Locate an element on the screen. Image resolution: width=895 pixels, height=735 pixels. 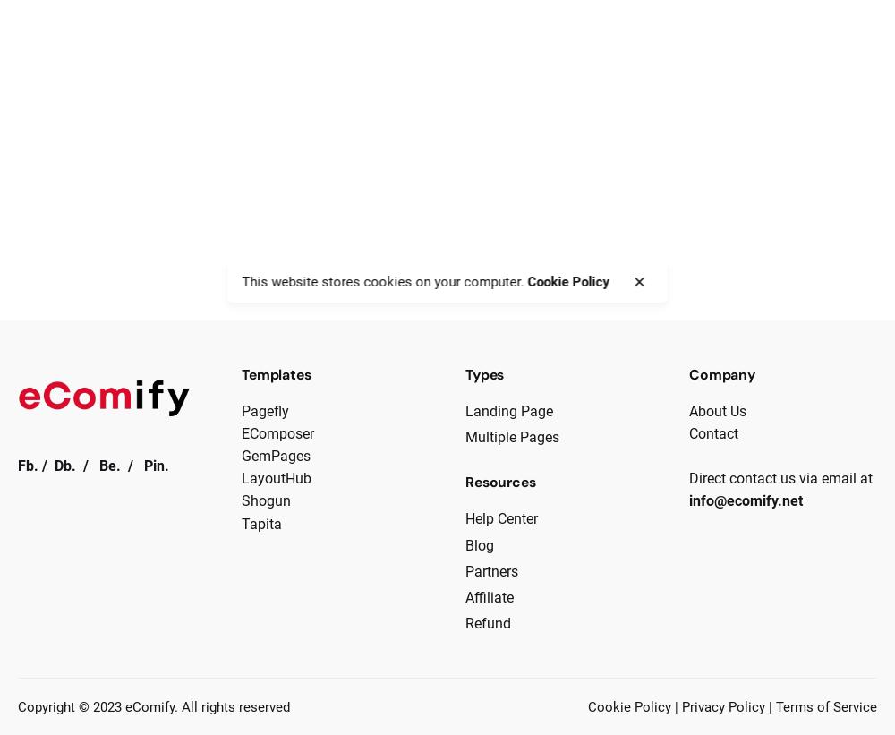
'. All rights reserved' is located at coordinates (232, 705).